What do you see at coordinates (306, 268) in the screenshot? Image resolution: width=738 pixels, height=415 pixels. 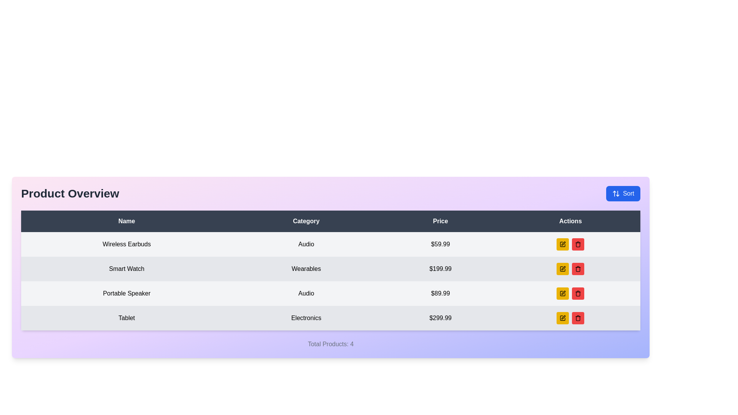 I see `the 'Wearables' text label located in the second row of the table under the 'Category' column, which indicates the product category` at bounding box center [306, 268].